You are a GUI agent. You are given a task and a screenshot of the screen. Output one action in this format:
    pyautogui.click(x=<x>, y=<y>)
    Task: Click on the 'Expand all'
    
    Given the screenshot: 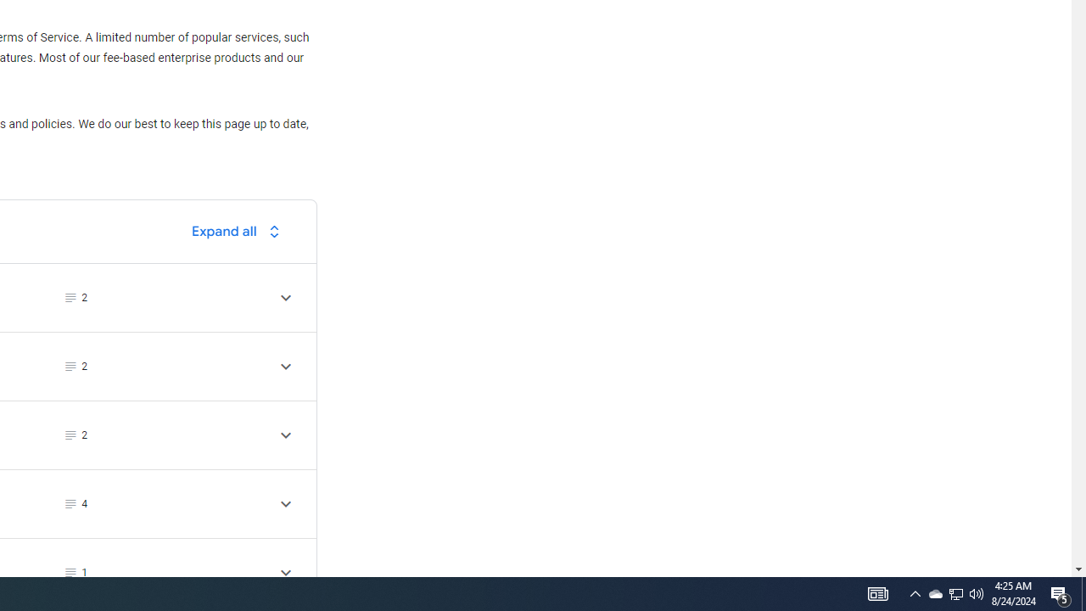 What is the action you would take?
    pyautogui.click(x=239, y=231)
    